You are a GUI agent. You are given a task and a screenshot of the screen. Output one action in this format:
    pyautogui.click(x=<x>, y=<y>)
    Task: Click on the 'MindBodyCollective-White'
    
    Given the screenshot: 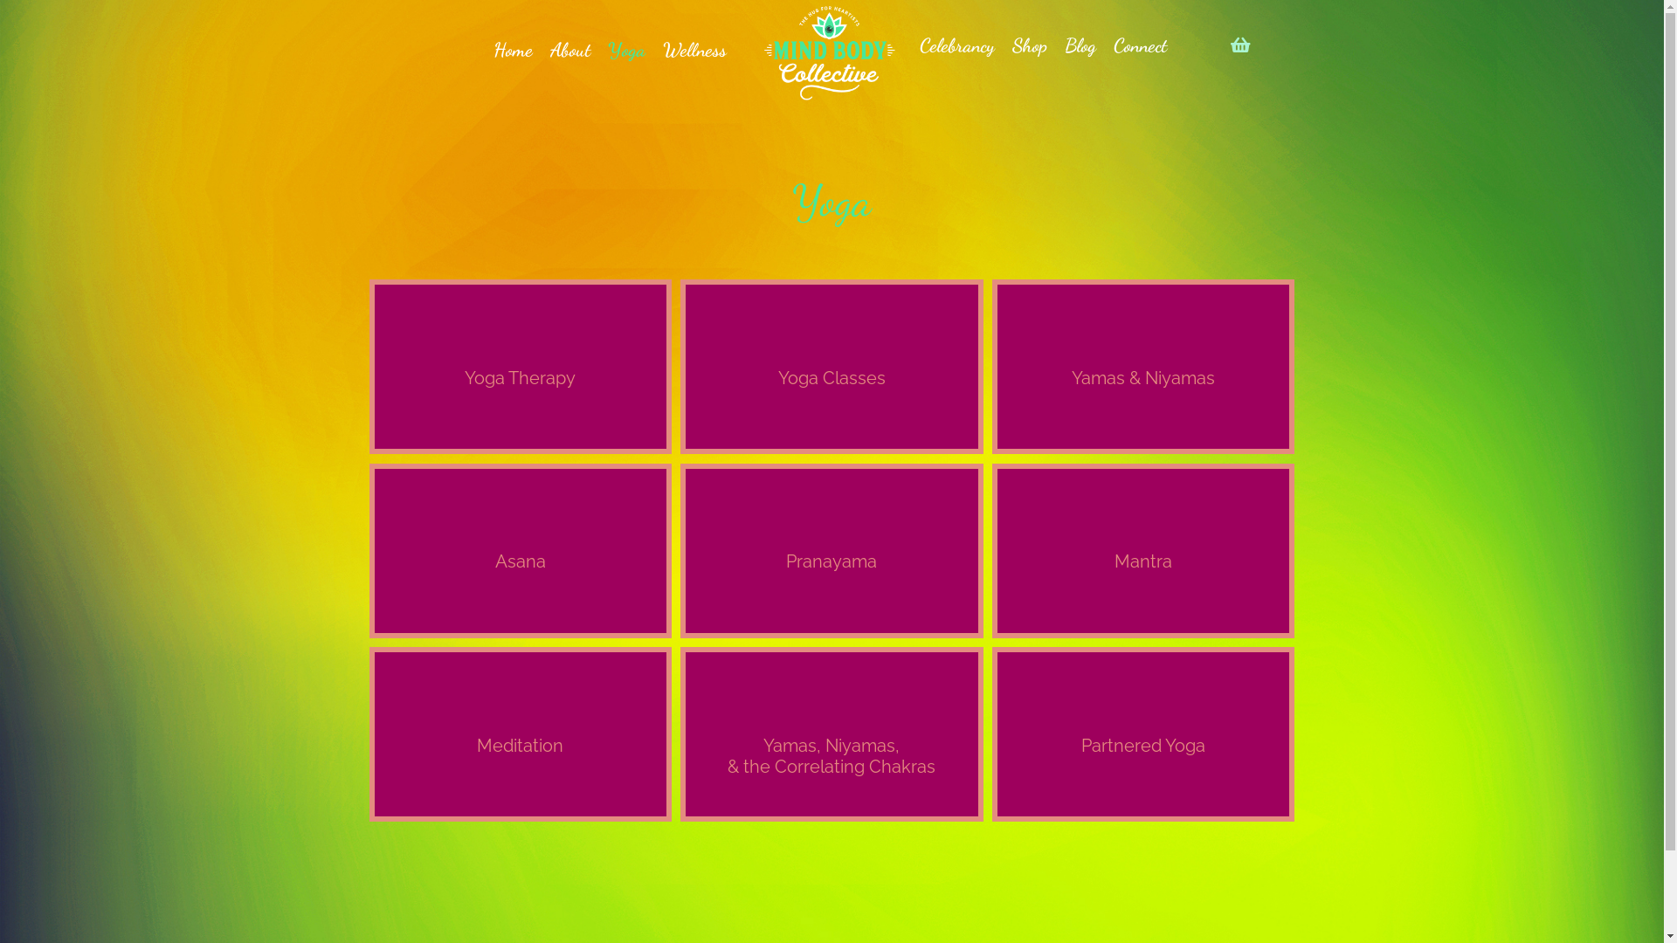 What is the action you would take?
    pyautogui.click(x=829, y=52)
    